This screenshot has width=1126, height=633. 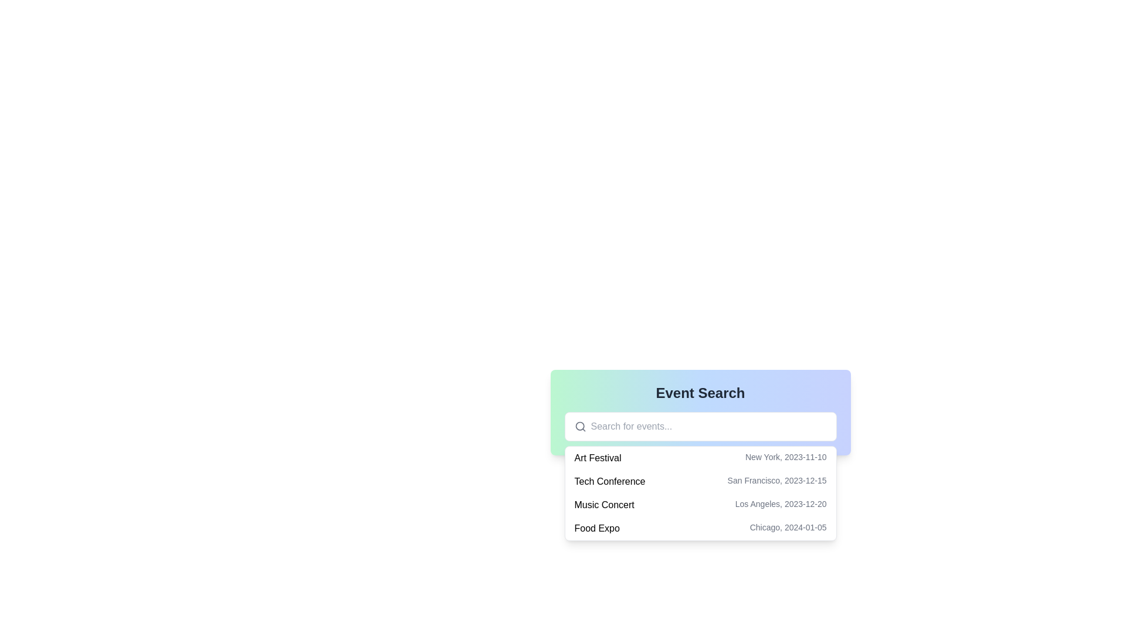 What do you see at coordinates (598, 458) in the screenshot?
I see `the 'Art Festival' text label, which is the first item in the list of events under the 'Event Search' section` at bounding box center [598, 458].